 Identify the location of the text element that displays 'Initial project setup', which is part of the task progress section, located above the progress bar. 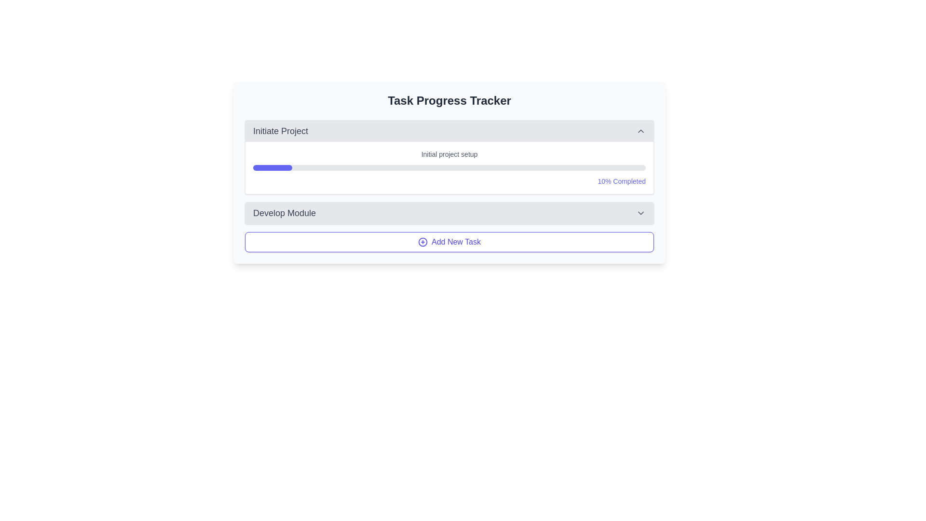
(449, 154).